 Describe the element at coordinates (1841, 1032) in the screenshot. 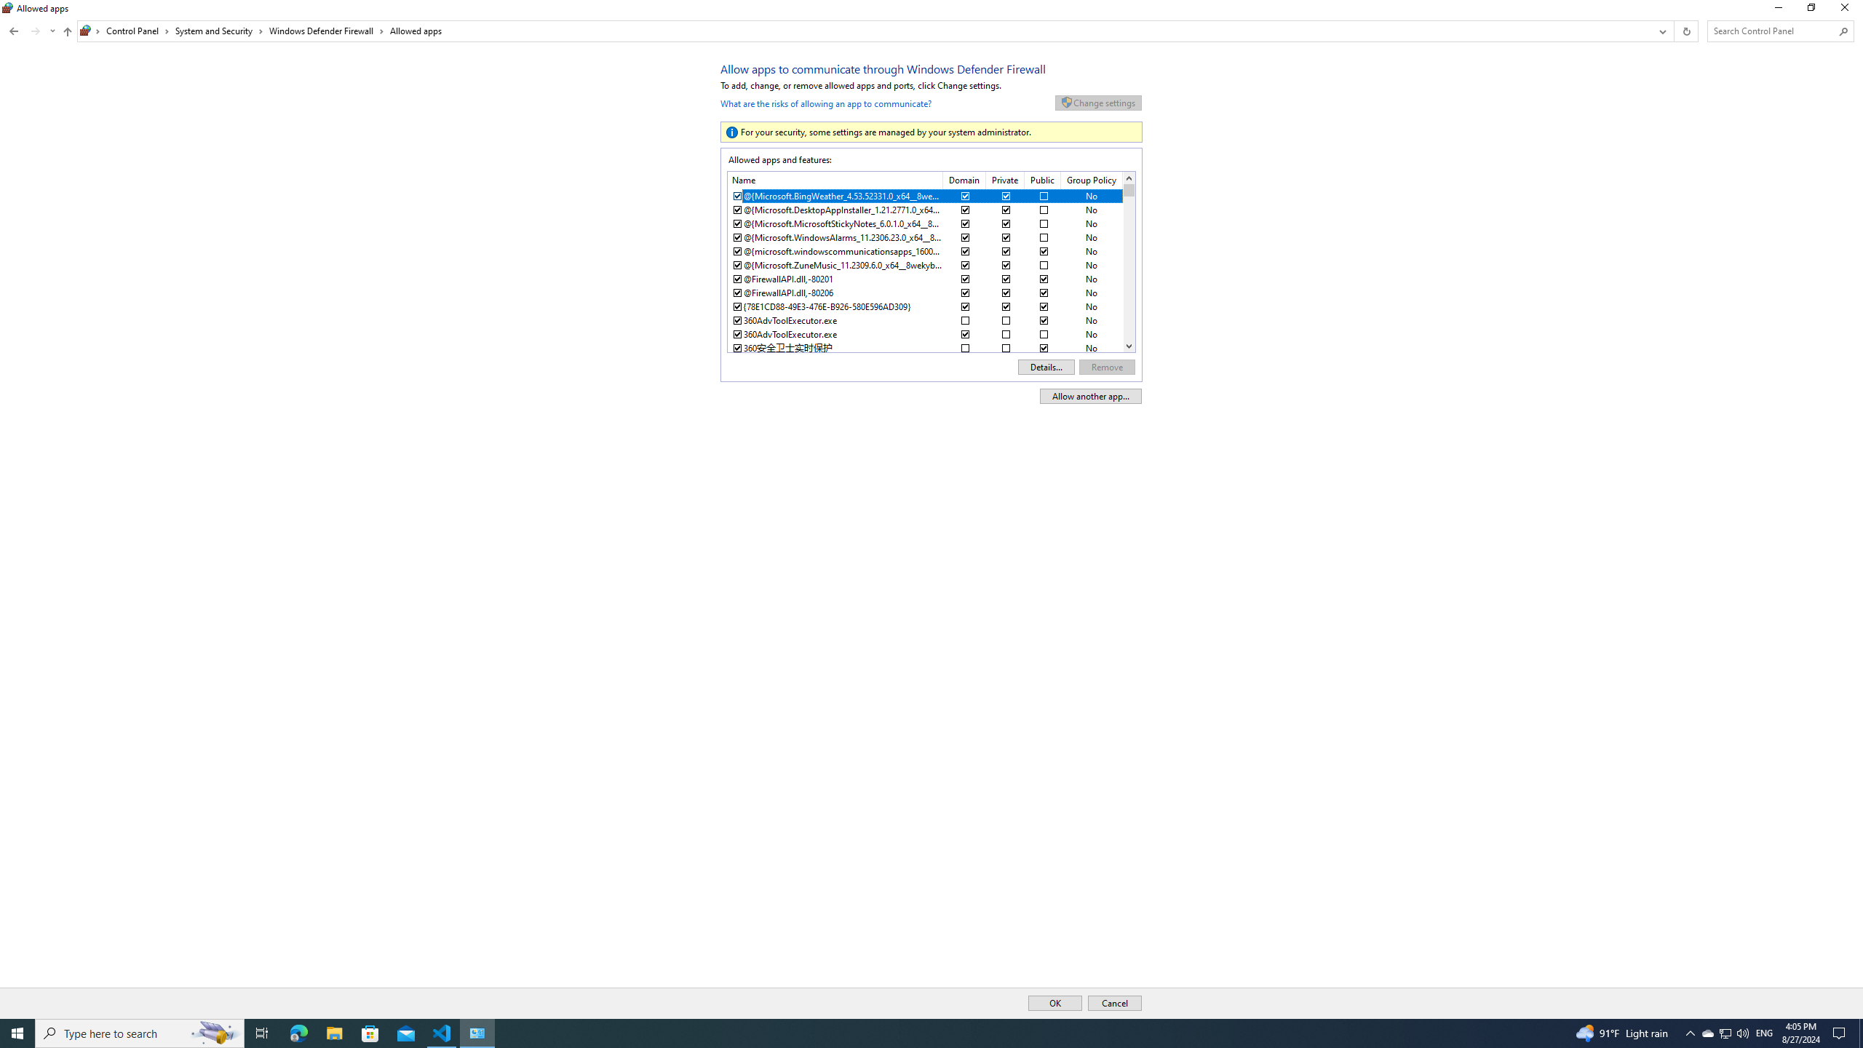

I see `'Action Center, No new notifications'` at that location.